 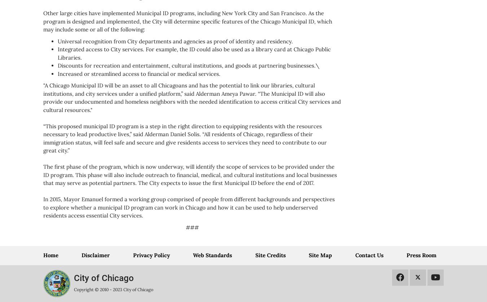 I want to click on 'Press Room', so click(x=421, y=255).